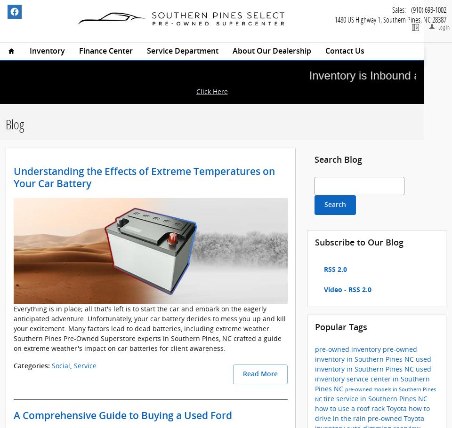 Image resolution: width=452 pixels, height=428 pixels. I want to click on 'pre-owned models in Southern Pines NC', so click(375, 394).